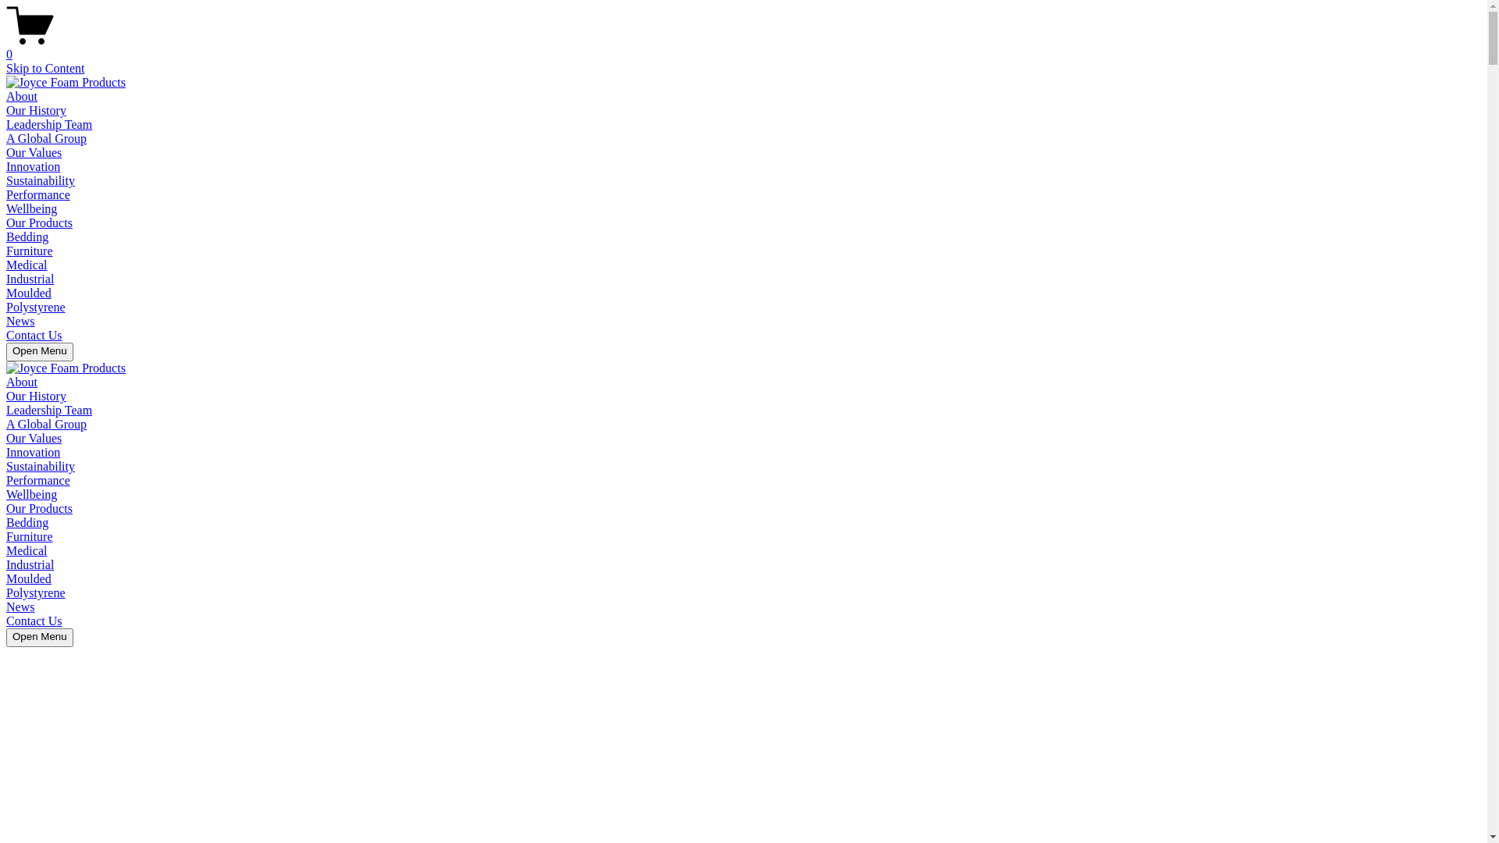  What do you see at coordinates (22, 382) in the screenshot?
I see `'About'` at bounding box center [22, 382].